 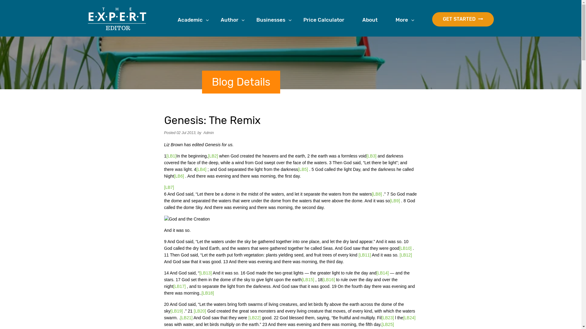 What do you see at coordinates (463, 19) in the screenshot?
I see `'GET STARTED'` at bounding box center [463, 19].